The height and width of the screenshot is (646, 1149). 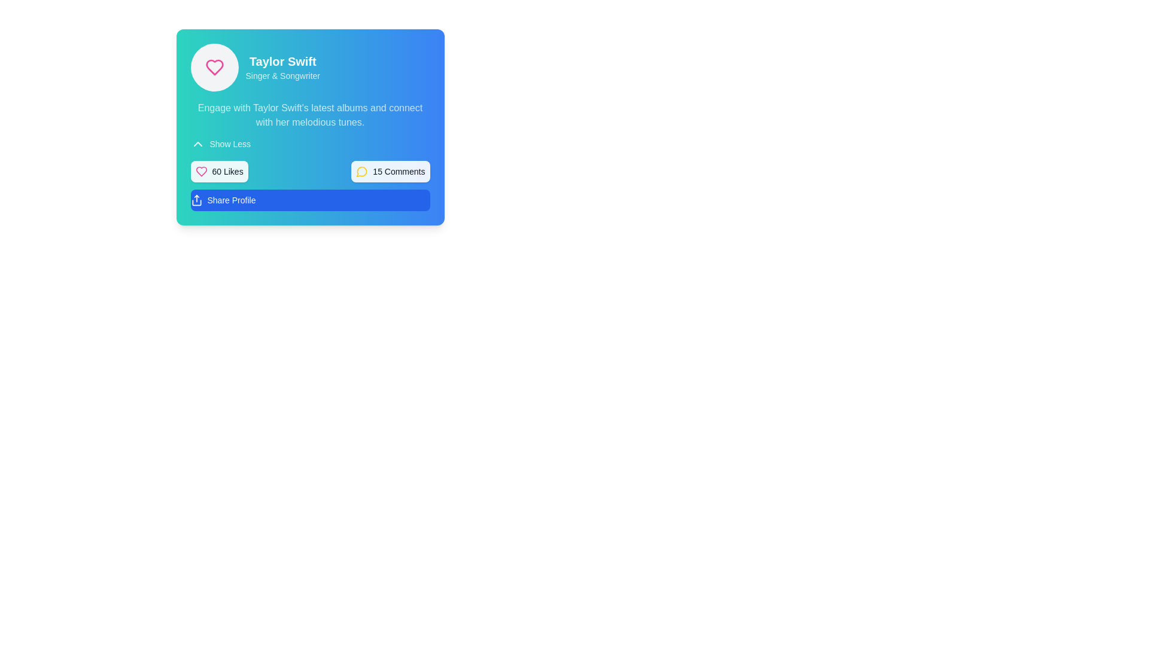 I want to click on the text display element that presents the title and subtitle for Taylor Swift, located at the top of a card-like component with a gradient background, so click(x=282, y=67).